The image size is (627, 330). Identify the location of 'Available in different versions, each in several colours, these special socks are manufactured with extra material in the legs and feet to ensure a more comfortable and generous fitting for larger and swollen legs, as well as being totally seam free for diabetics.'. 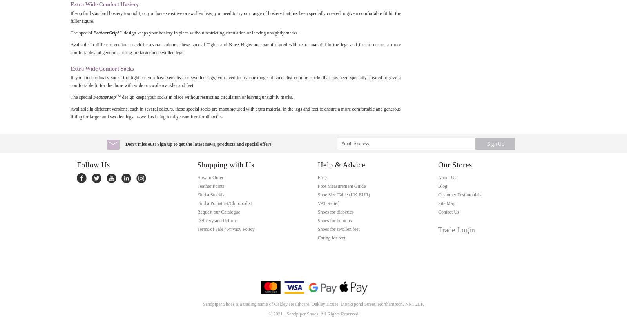
(236, 112).